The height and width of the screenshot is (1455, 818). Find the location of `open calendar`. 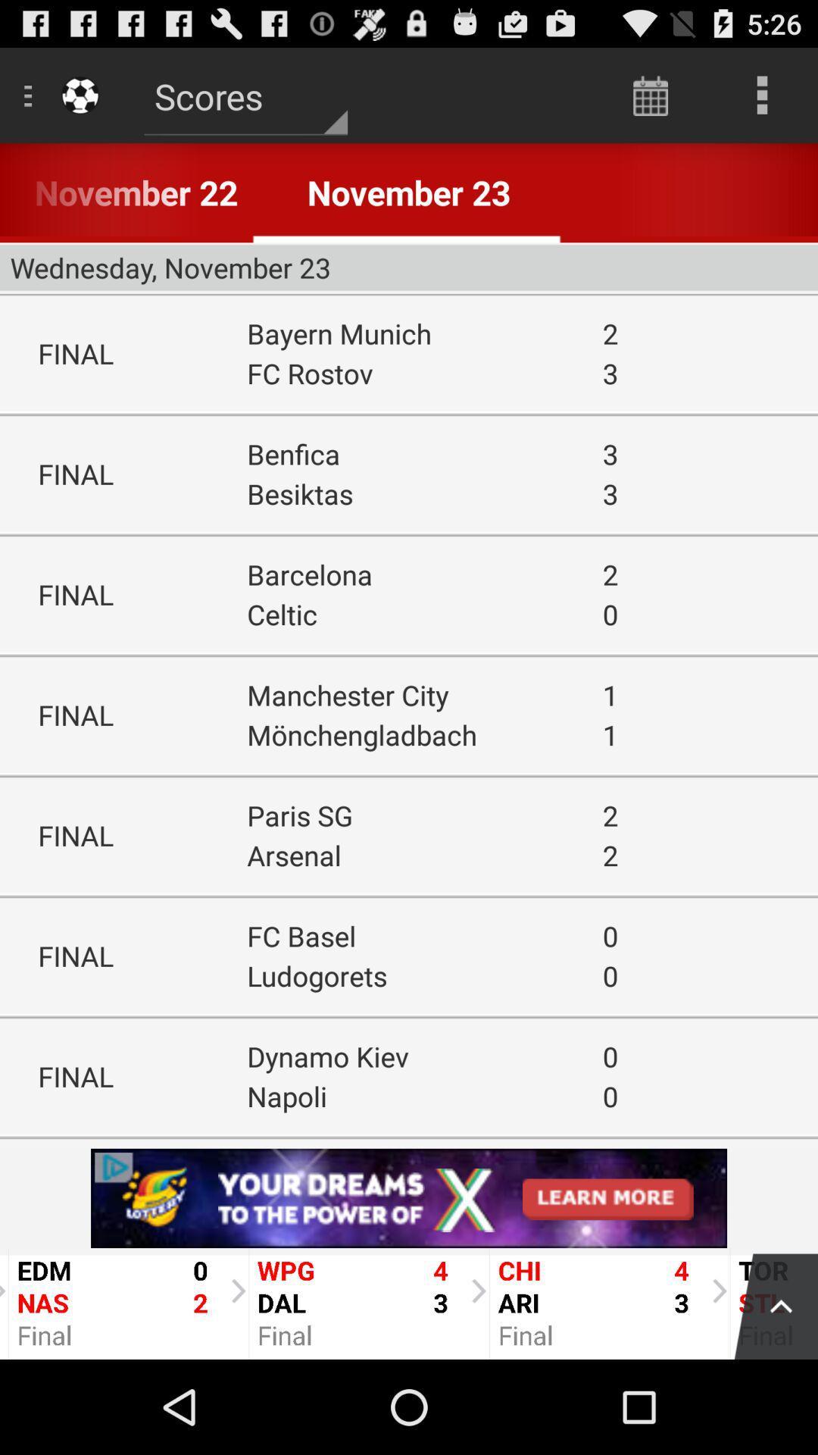

open calendar is located at coordinates (650, 94).